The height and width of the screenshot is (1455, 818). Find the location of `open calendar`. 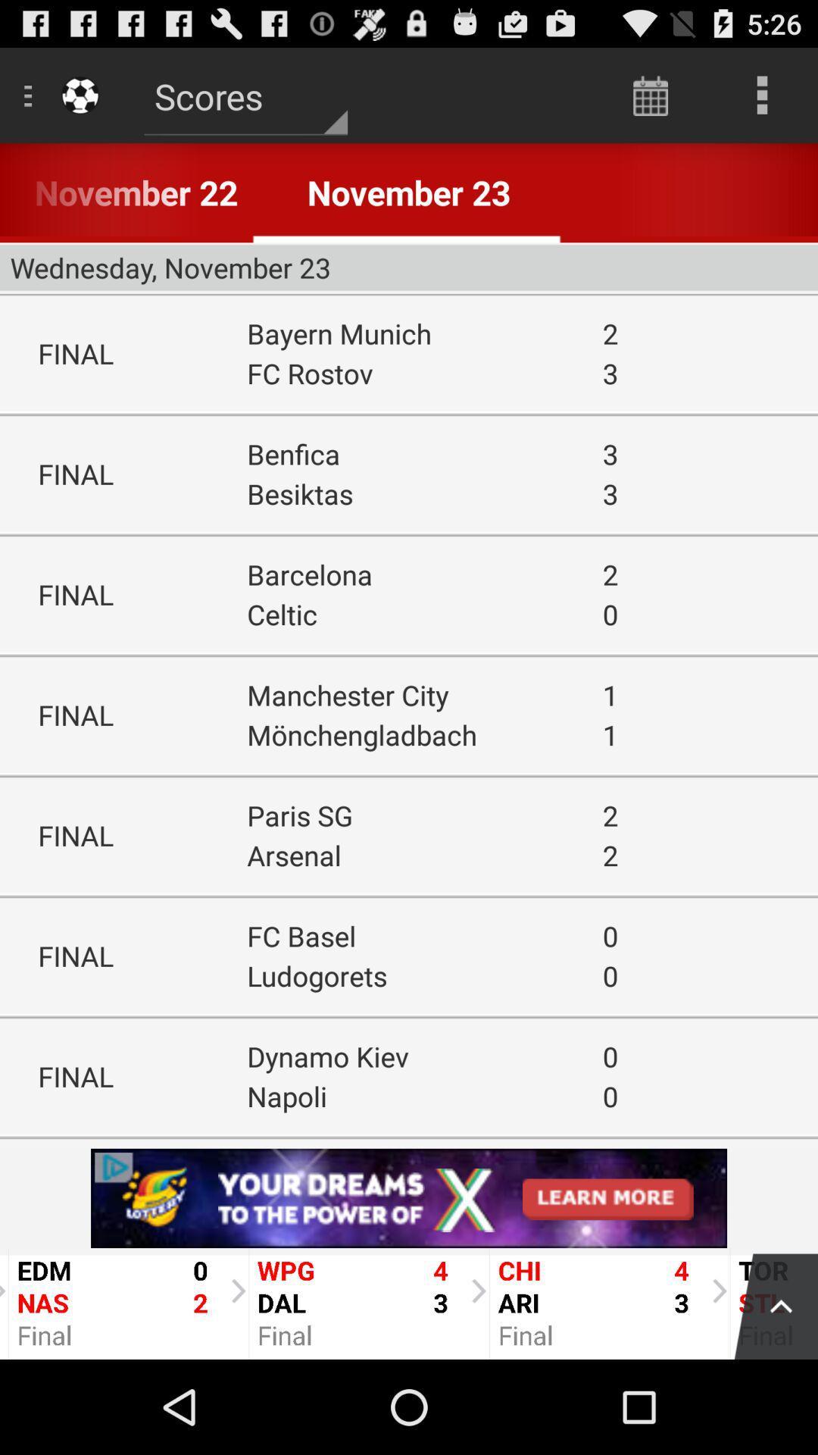

open calendar is located at coordinates (650, 94).